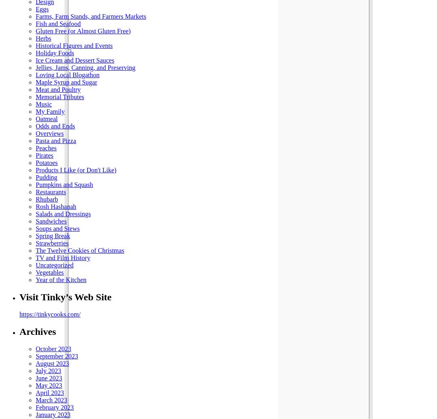  I want to click on 'Pirates', so click(35, 155).